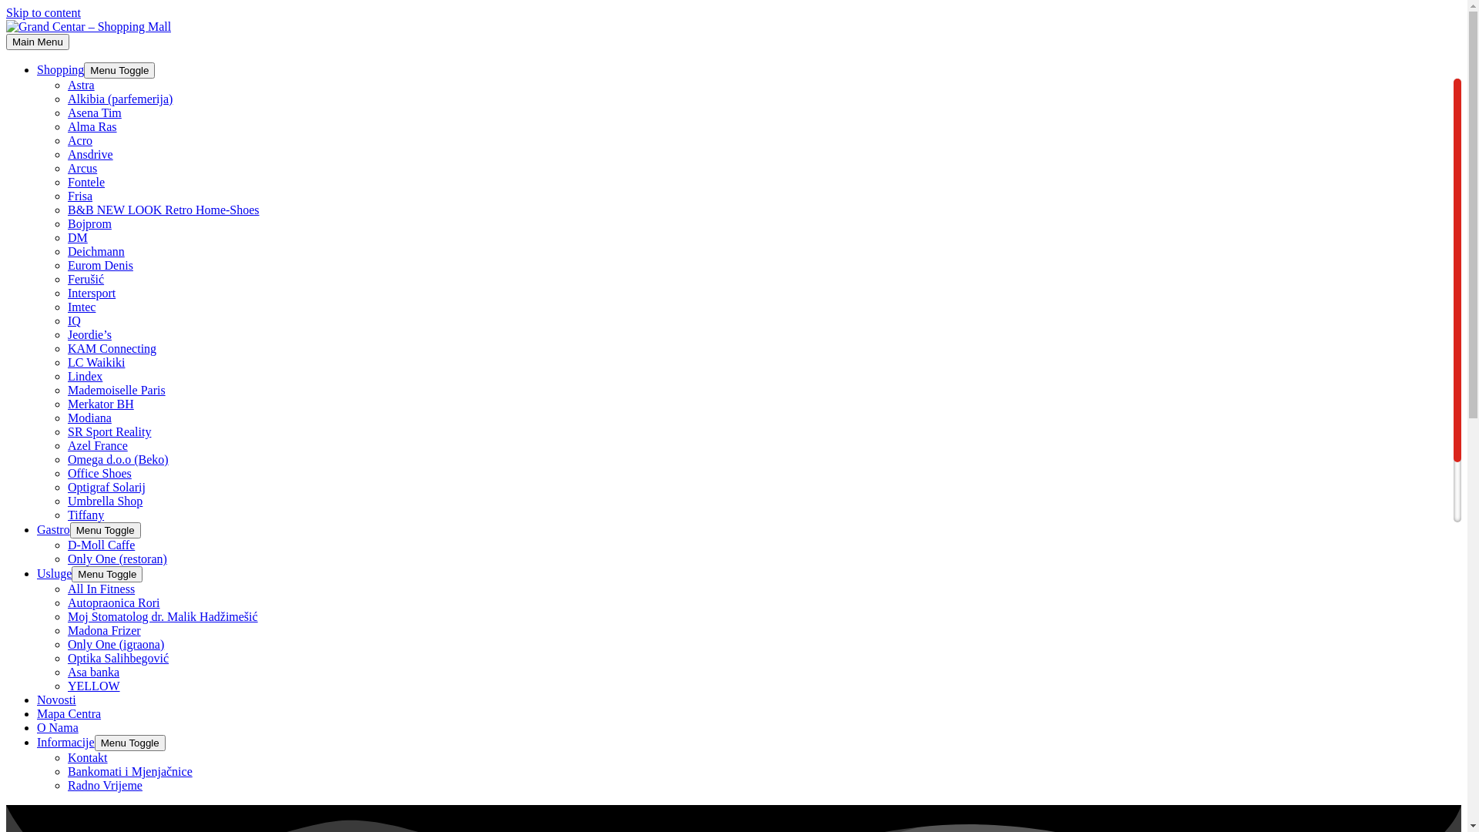 This screenshot has height=832, width=1479. What do you see at coordinates (91, 293) in the screenshot?
I see `'Intersport'` at bounding box center [91, 293].